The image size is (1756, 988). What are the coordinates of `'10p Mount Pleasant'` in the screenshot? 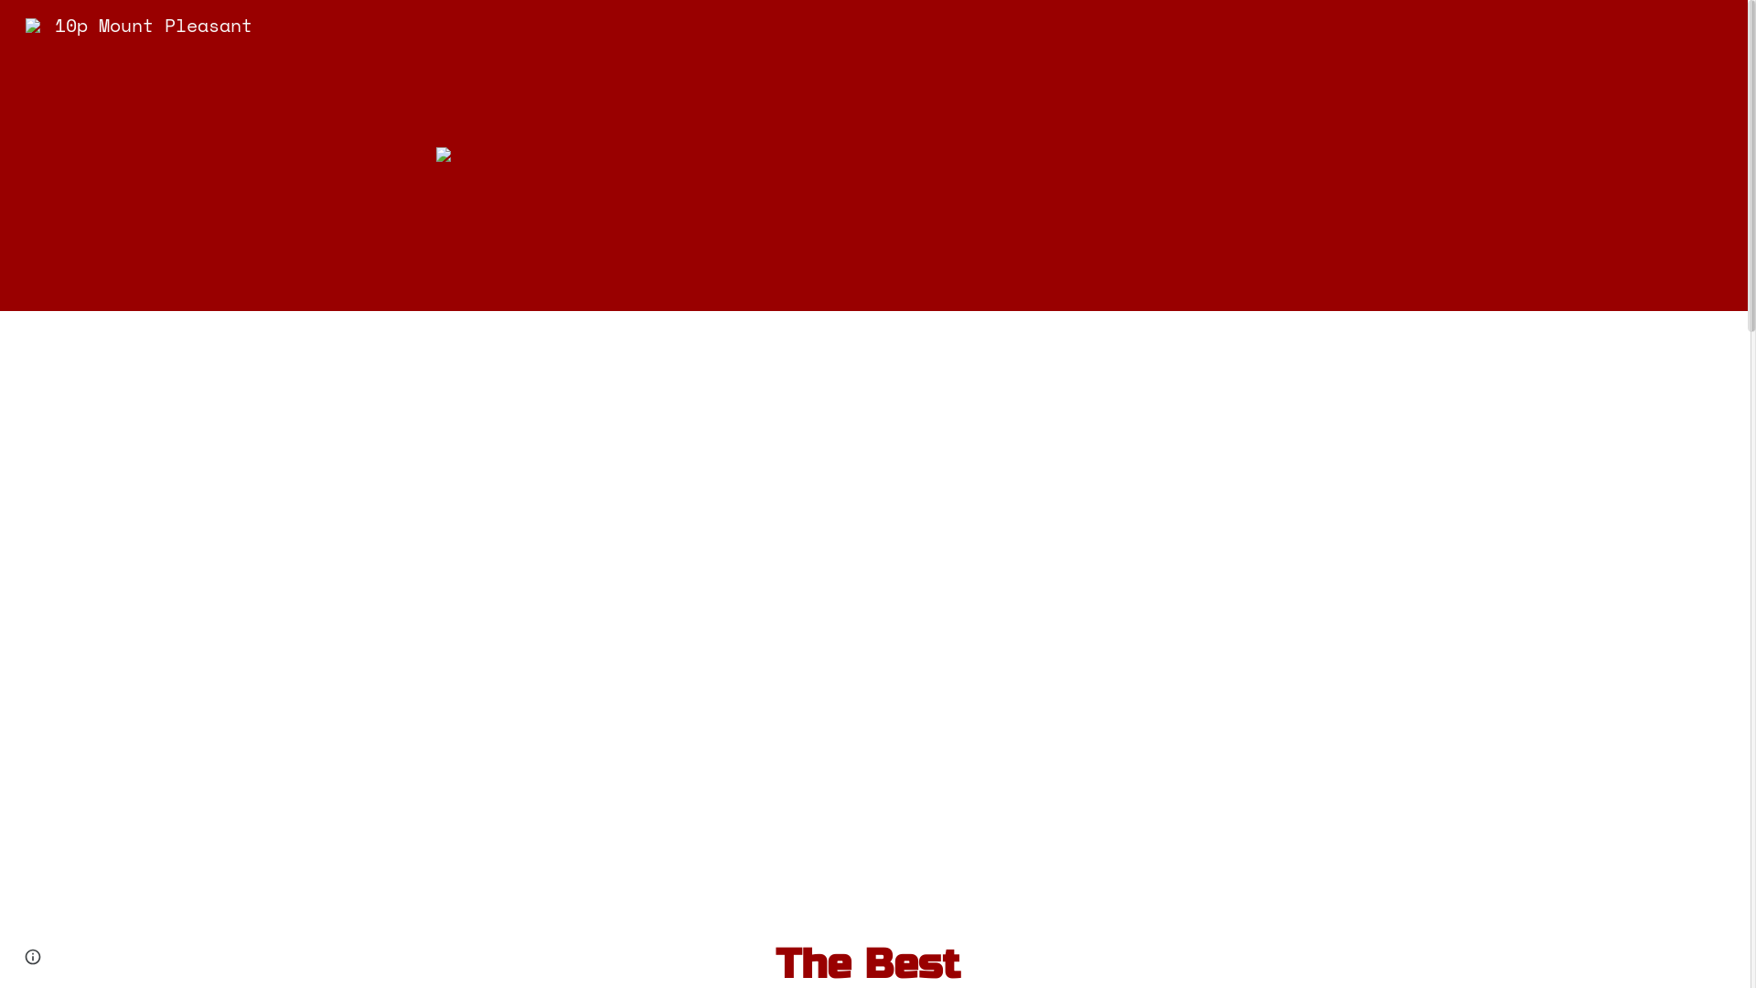 It's located at (138, 23).